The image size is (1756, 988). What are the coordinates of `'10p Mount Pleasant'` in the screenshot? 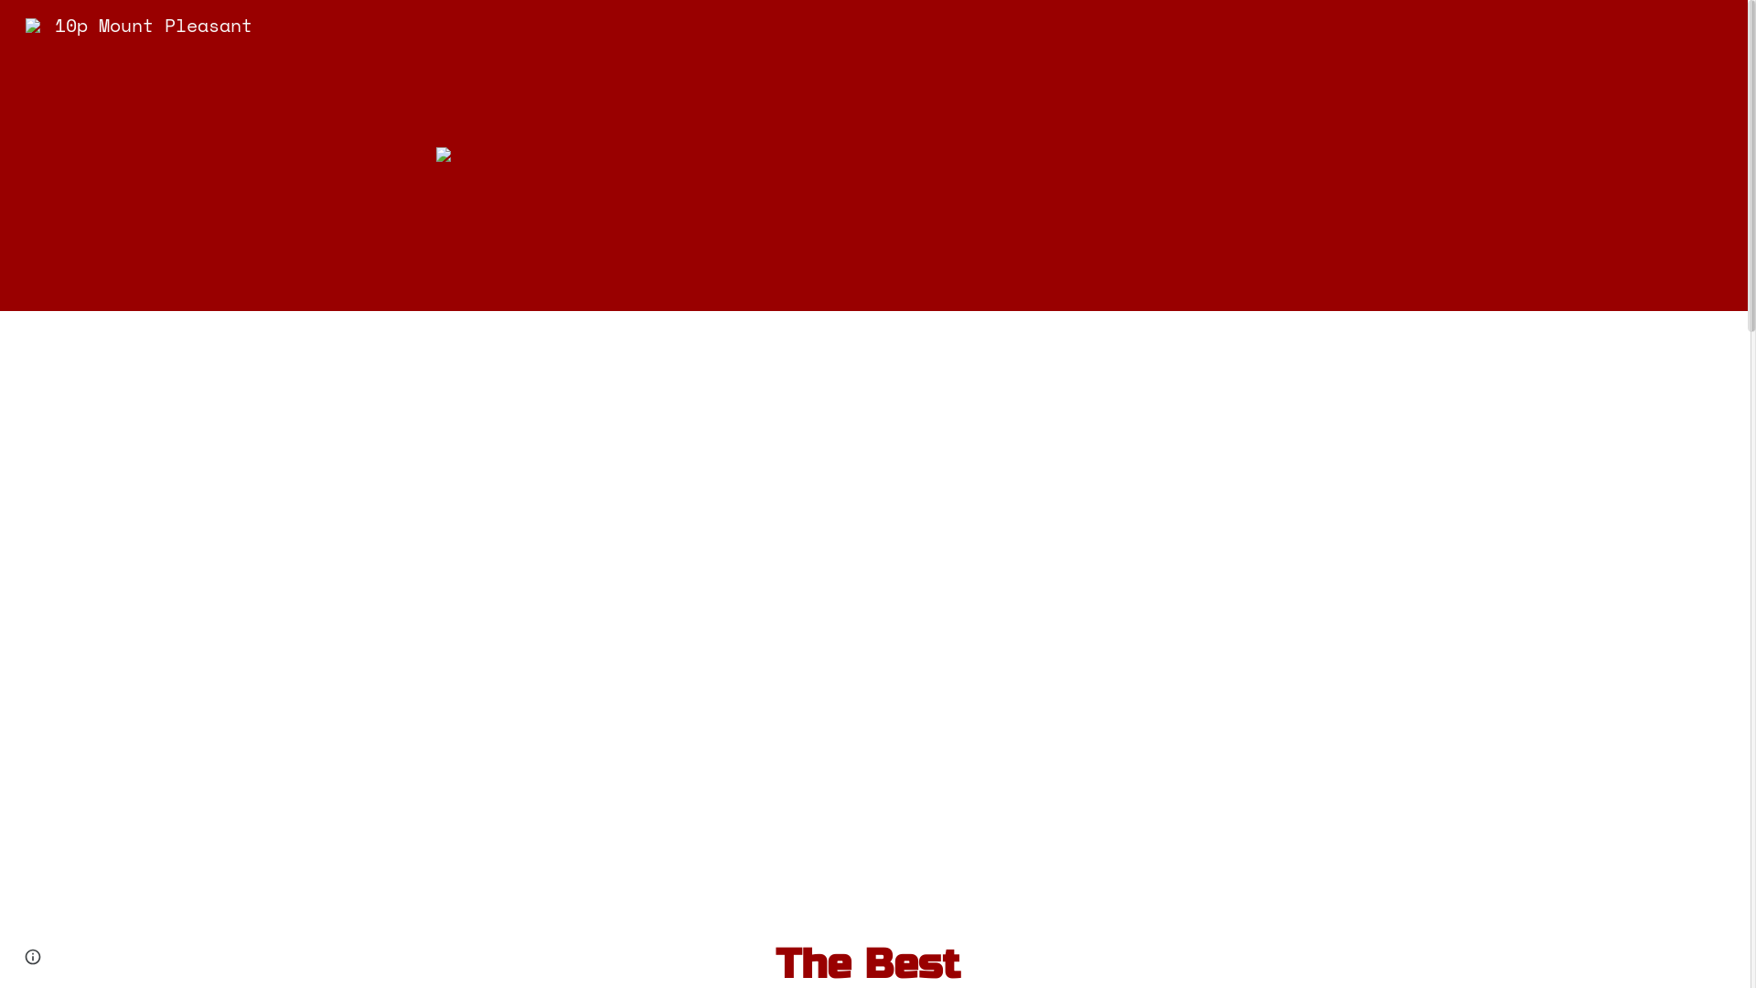 It's located at (138, 23).